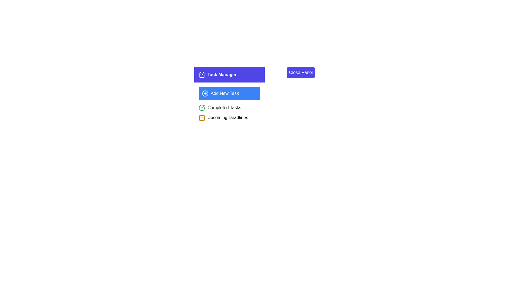 The image size is (529, 297). What do you see at coordinates (230, 93) in the screenshot?
I see `the 'Add New Task' button` at bounding box center [230, 93].